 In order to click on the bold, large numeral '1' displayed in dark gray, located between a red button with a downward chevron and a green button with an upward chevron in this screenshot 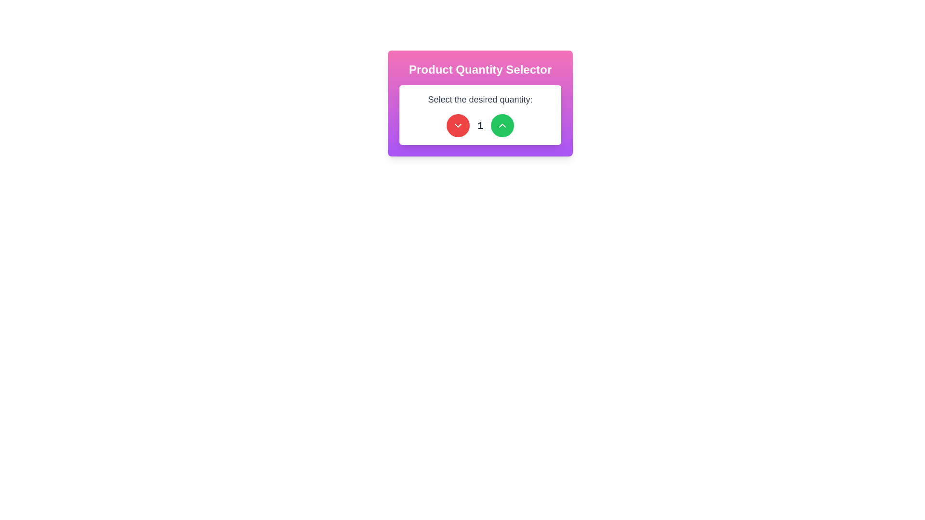, I will do `click(480, 125)`.